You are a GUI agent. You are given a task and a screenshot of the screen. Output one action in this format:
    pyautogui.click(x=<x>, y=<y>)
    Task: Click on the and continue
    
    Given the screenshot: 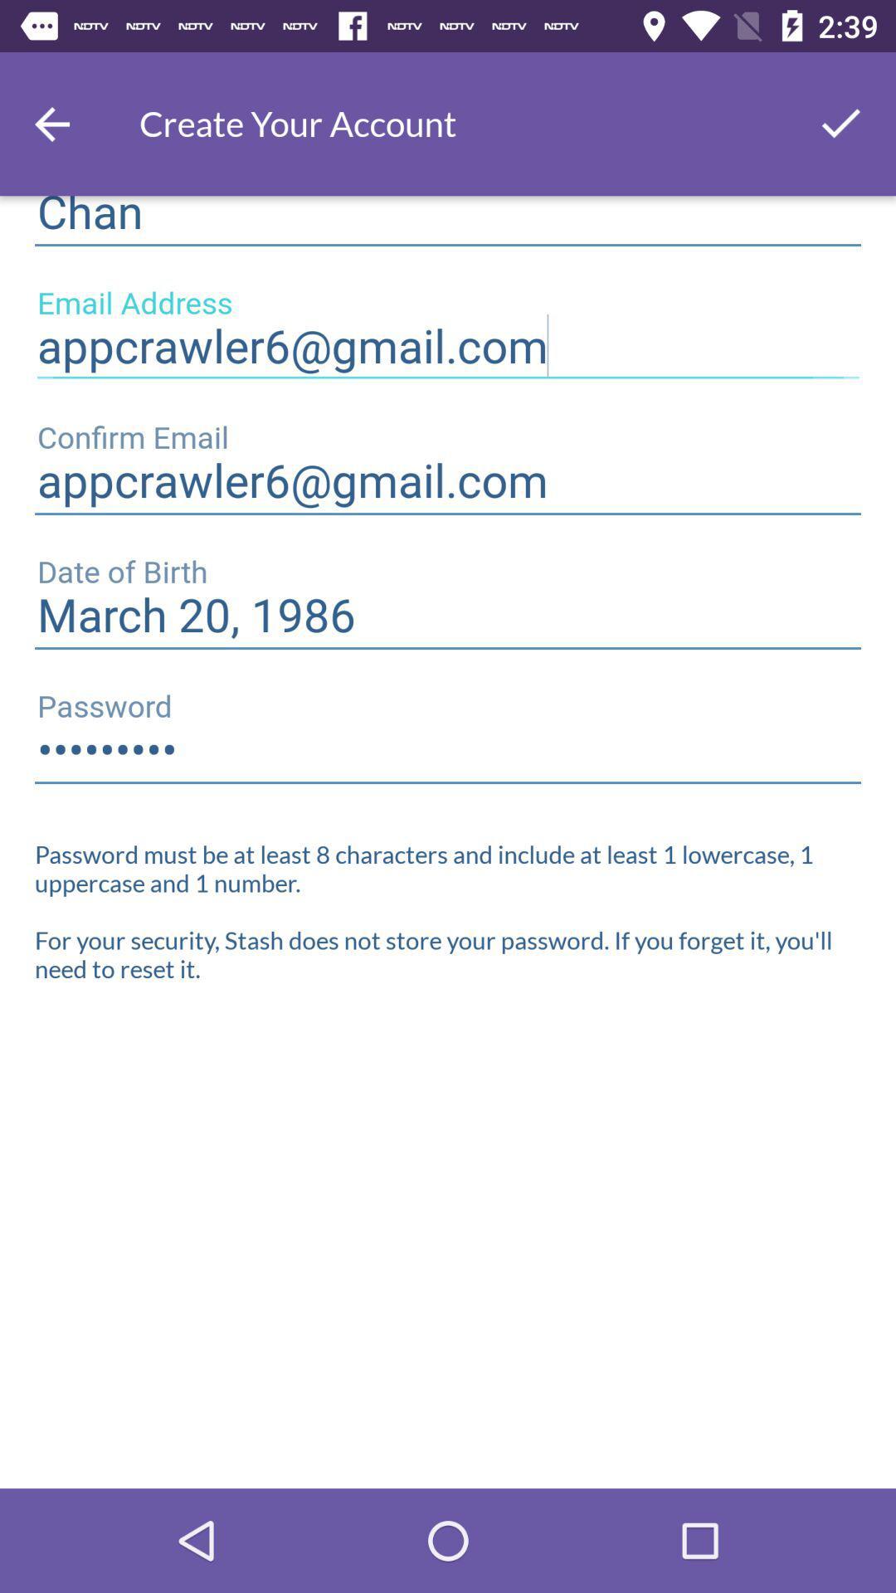 What is the action you would take?
    pyautogui.click(x=841, y=123)
    